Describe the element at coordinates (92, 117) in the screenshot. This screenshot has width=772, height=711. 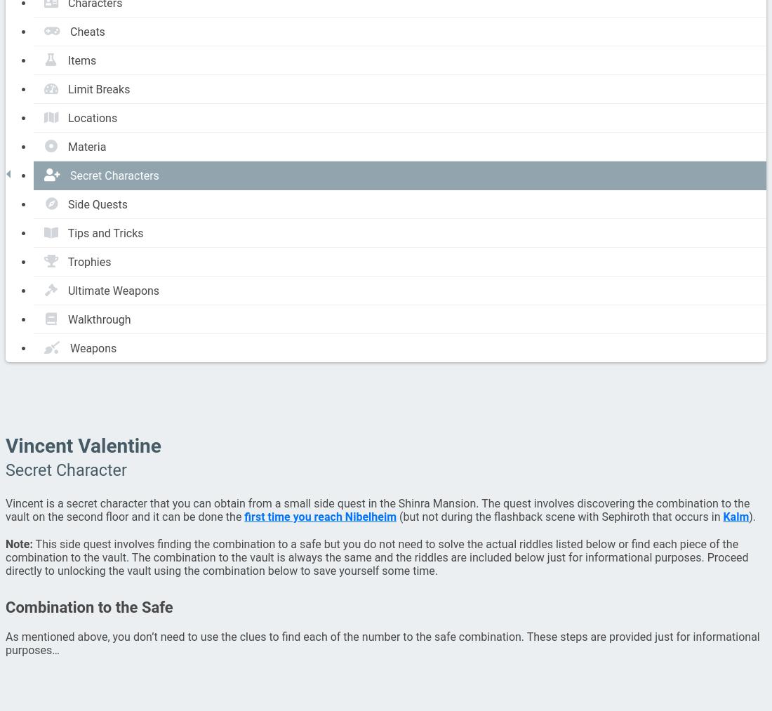
I see `'Locations'` at that location.